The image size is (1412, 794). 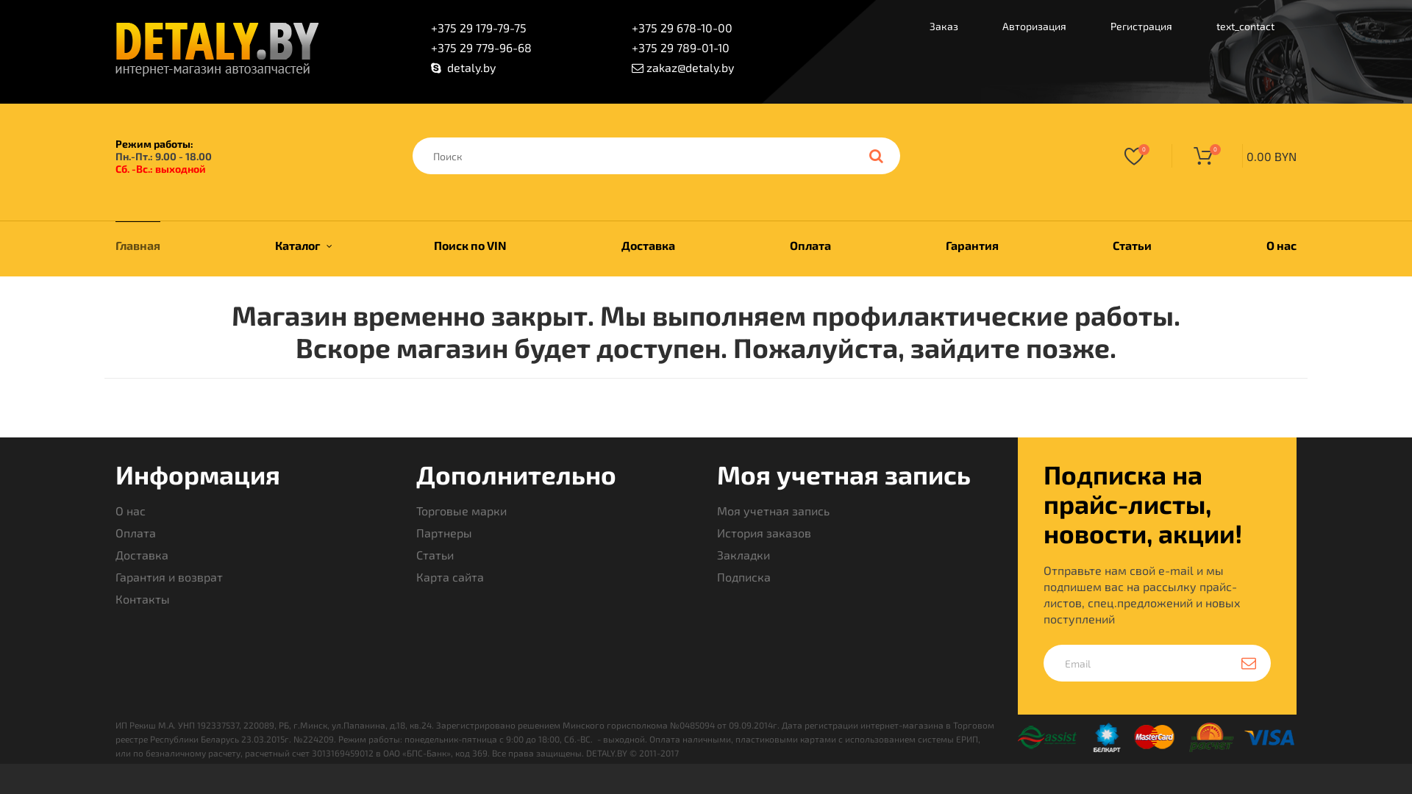 What do you see at coordinates (1194, 28) in the screenshot?
I see `'text_contact'` at bounding box center [1194, 28].